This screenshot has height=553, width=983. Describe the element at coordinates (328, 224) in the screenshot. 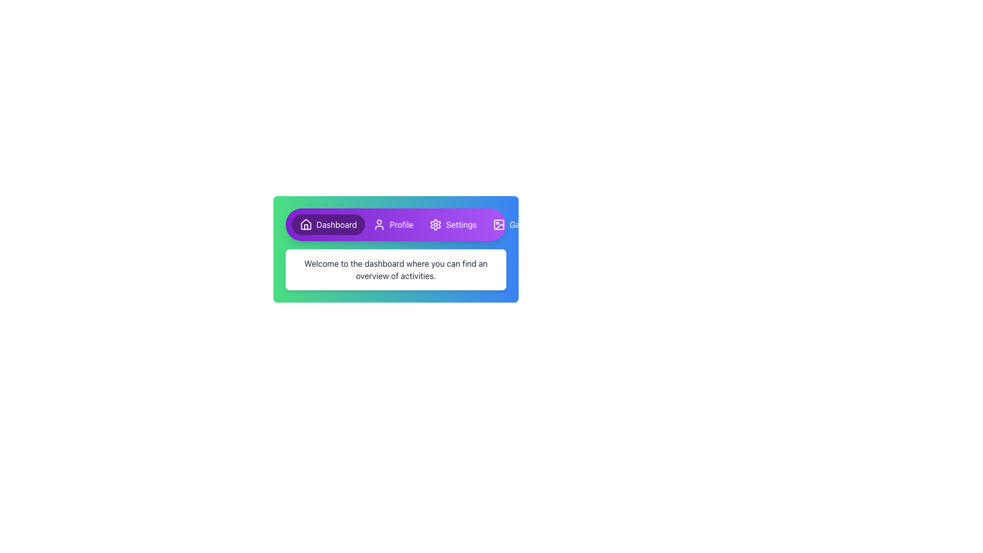

I see `the first button in the horizontally-aligned menu` at that location.